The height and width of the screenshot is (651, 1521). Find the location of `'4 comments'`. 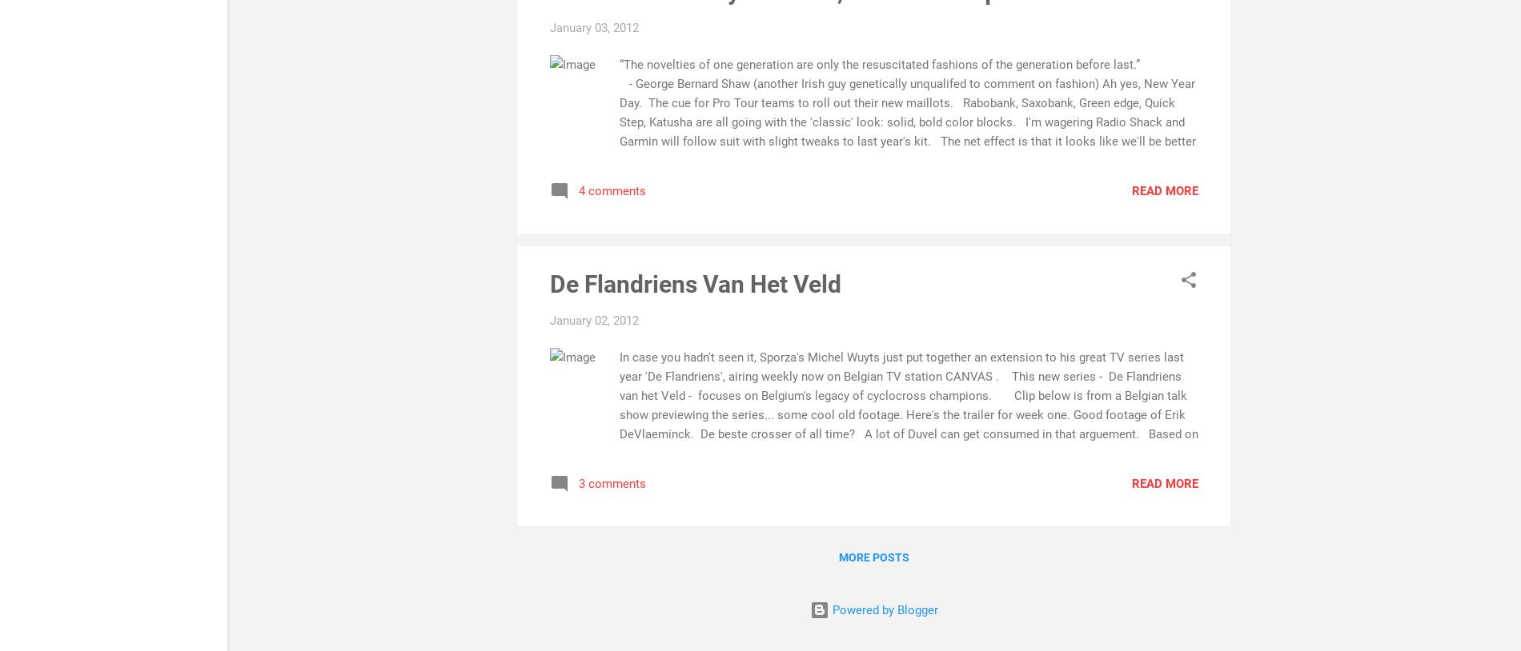

'4 comments' is located at coordinates (577, 190).